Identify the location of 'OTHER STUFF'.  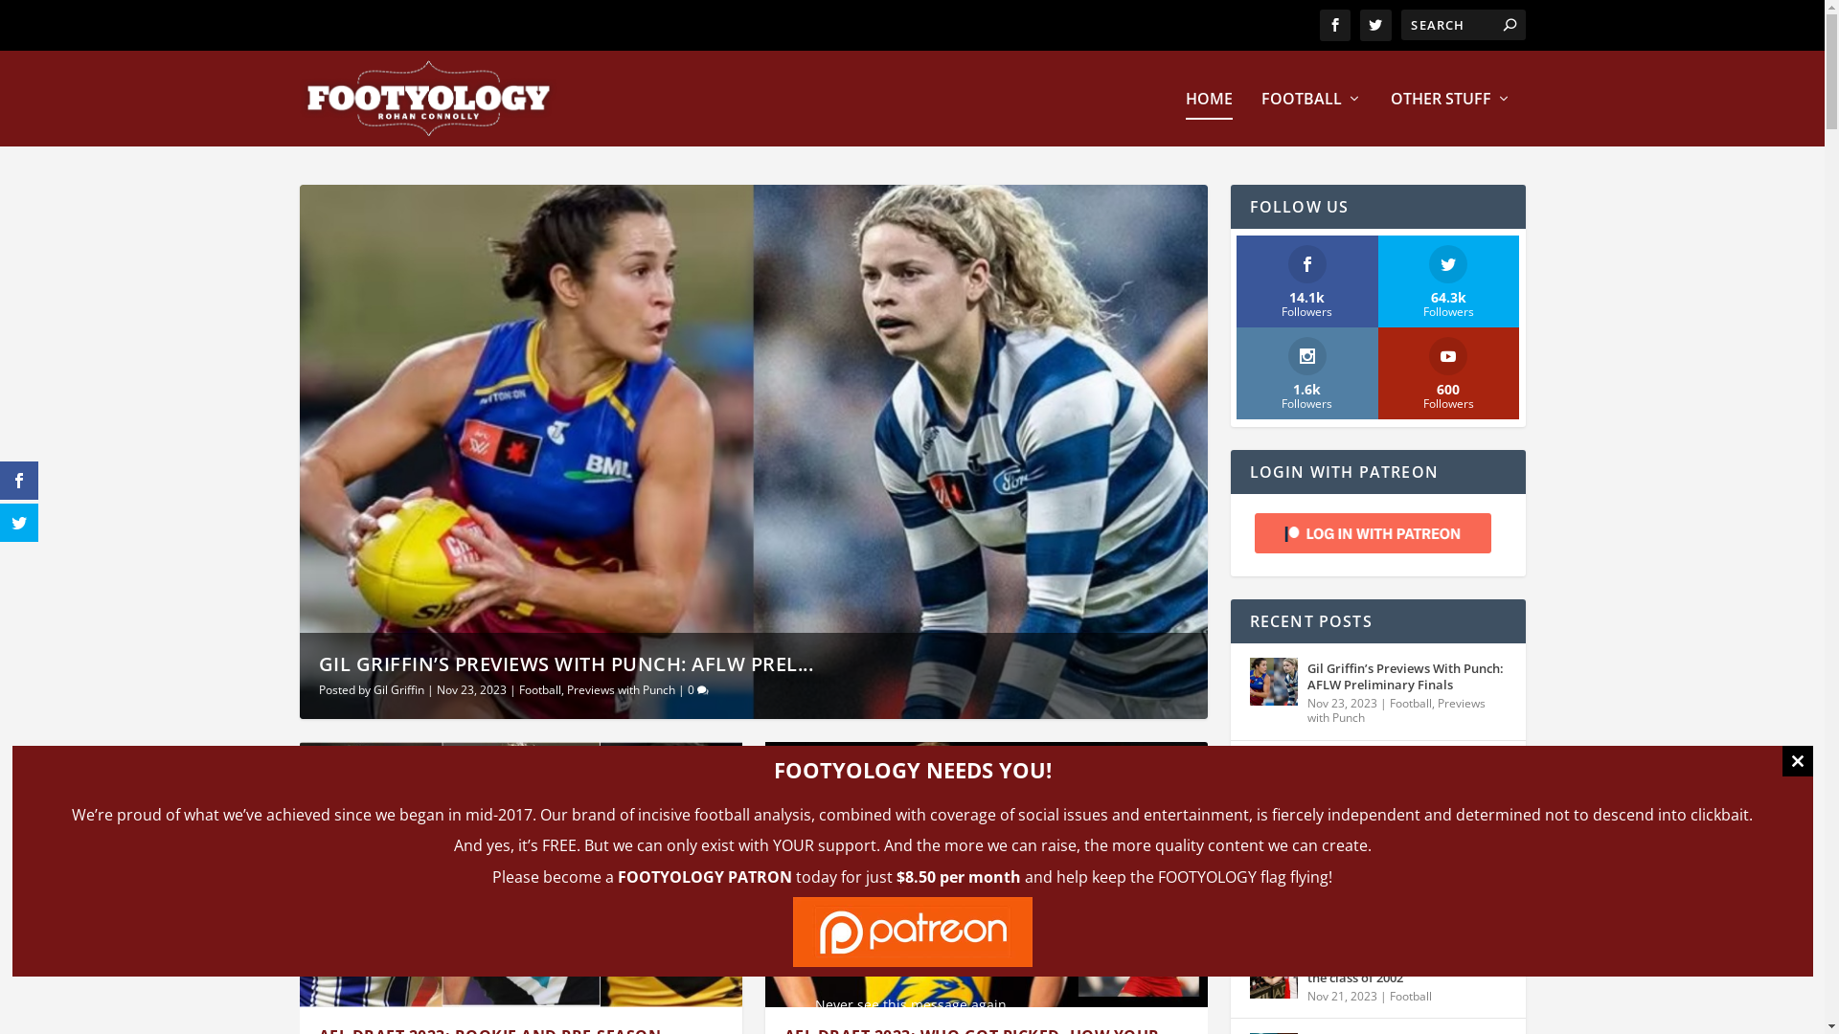
(1451, 119).